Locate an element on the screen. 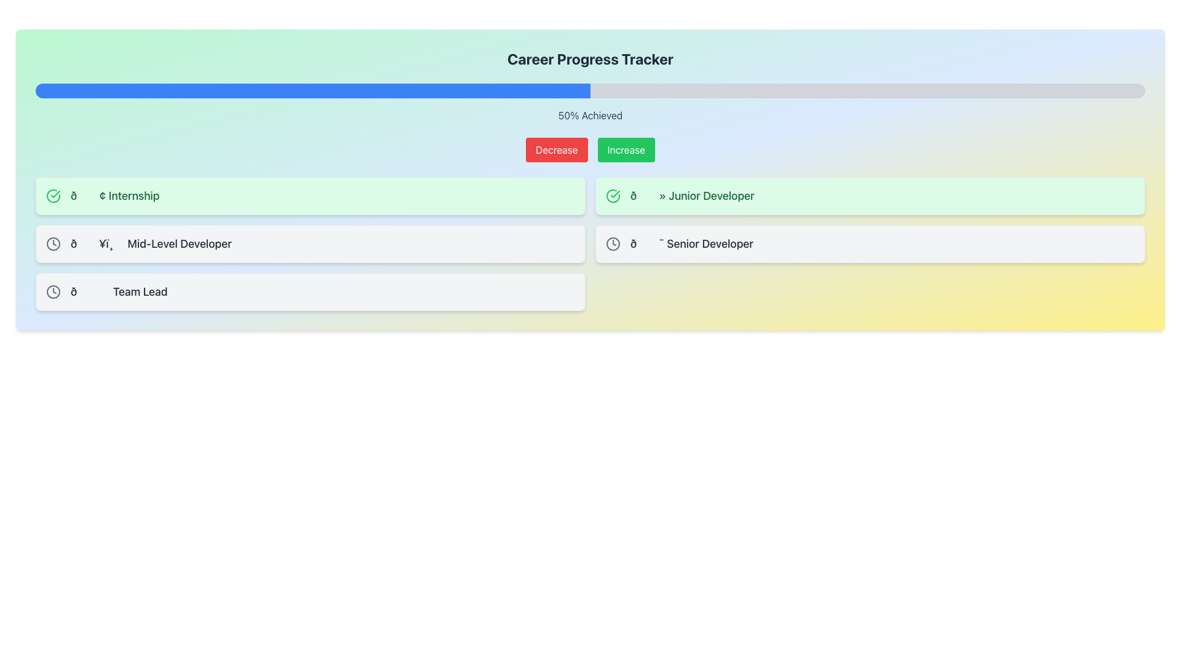 The height and width of the screenshot is (664, 1181). the checkmark icon that indicates the completion of the 'Internship' stage in the progression tracker is located at coordinates (52, 196).